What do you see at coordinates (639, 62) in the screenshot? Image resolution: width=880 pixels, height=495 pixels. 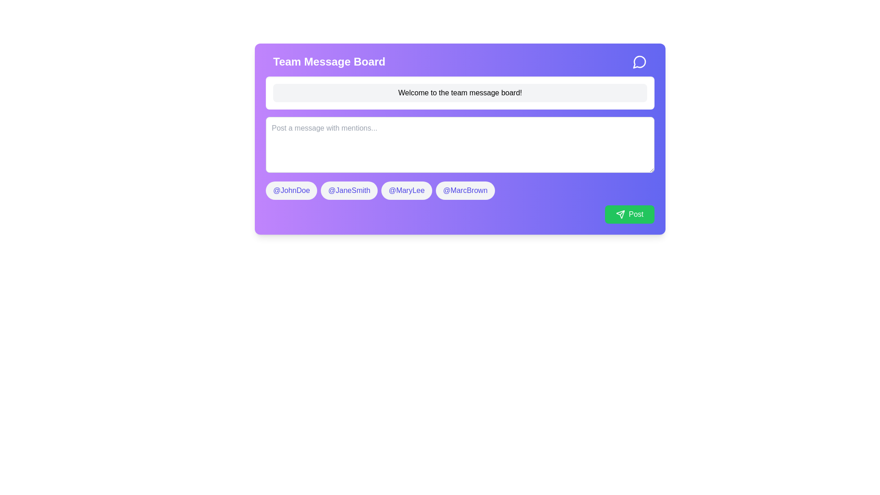 I see `the message/chat icon located at the top-right corner of the 'Team Message Board' header section, which serves as a visual indicator for communication features` at bounding box center [639, 62].